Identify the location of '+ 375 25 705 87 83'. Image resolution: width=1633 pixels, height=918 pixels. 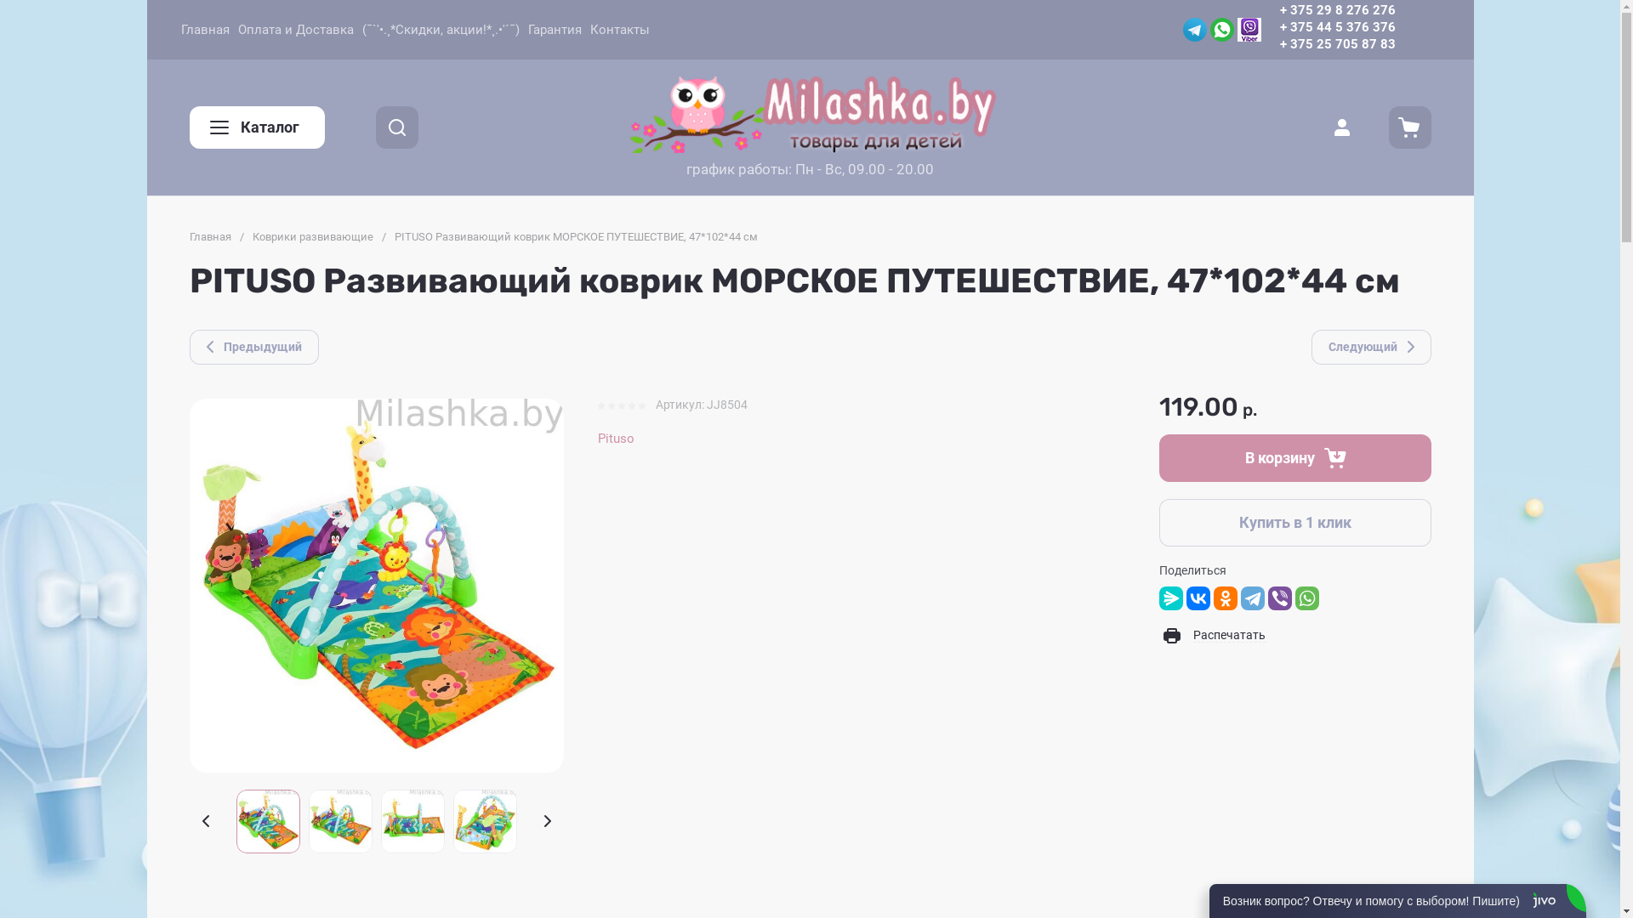
(1278, 42).